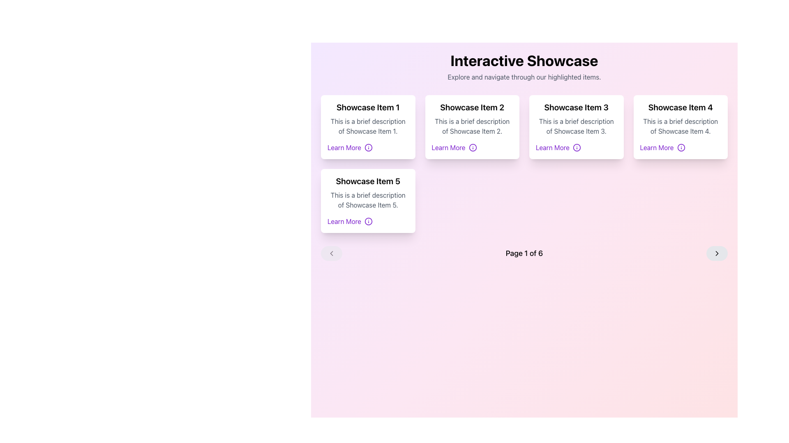  Describe the element at coordinates (577, 147) in the screenshot. I see `the circular information icon next to the 'Learn More' text under 'Showcase Item 3'` at that location.